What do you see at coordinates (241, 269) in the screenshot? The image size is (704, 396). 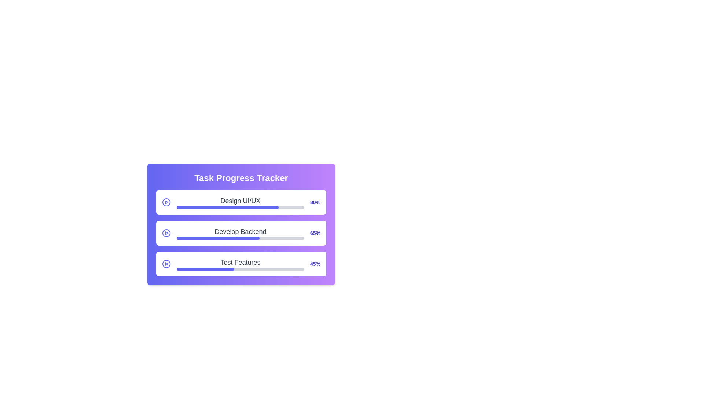 I see `the progress bar indicating the completion status for the task 'Test Features' located in the 'Task Progress Tracker' panel` at bounding box center [241, 269].